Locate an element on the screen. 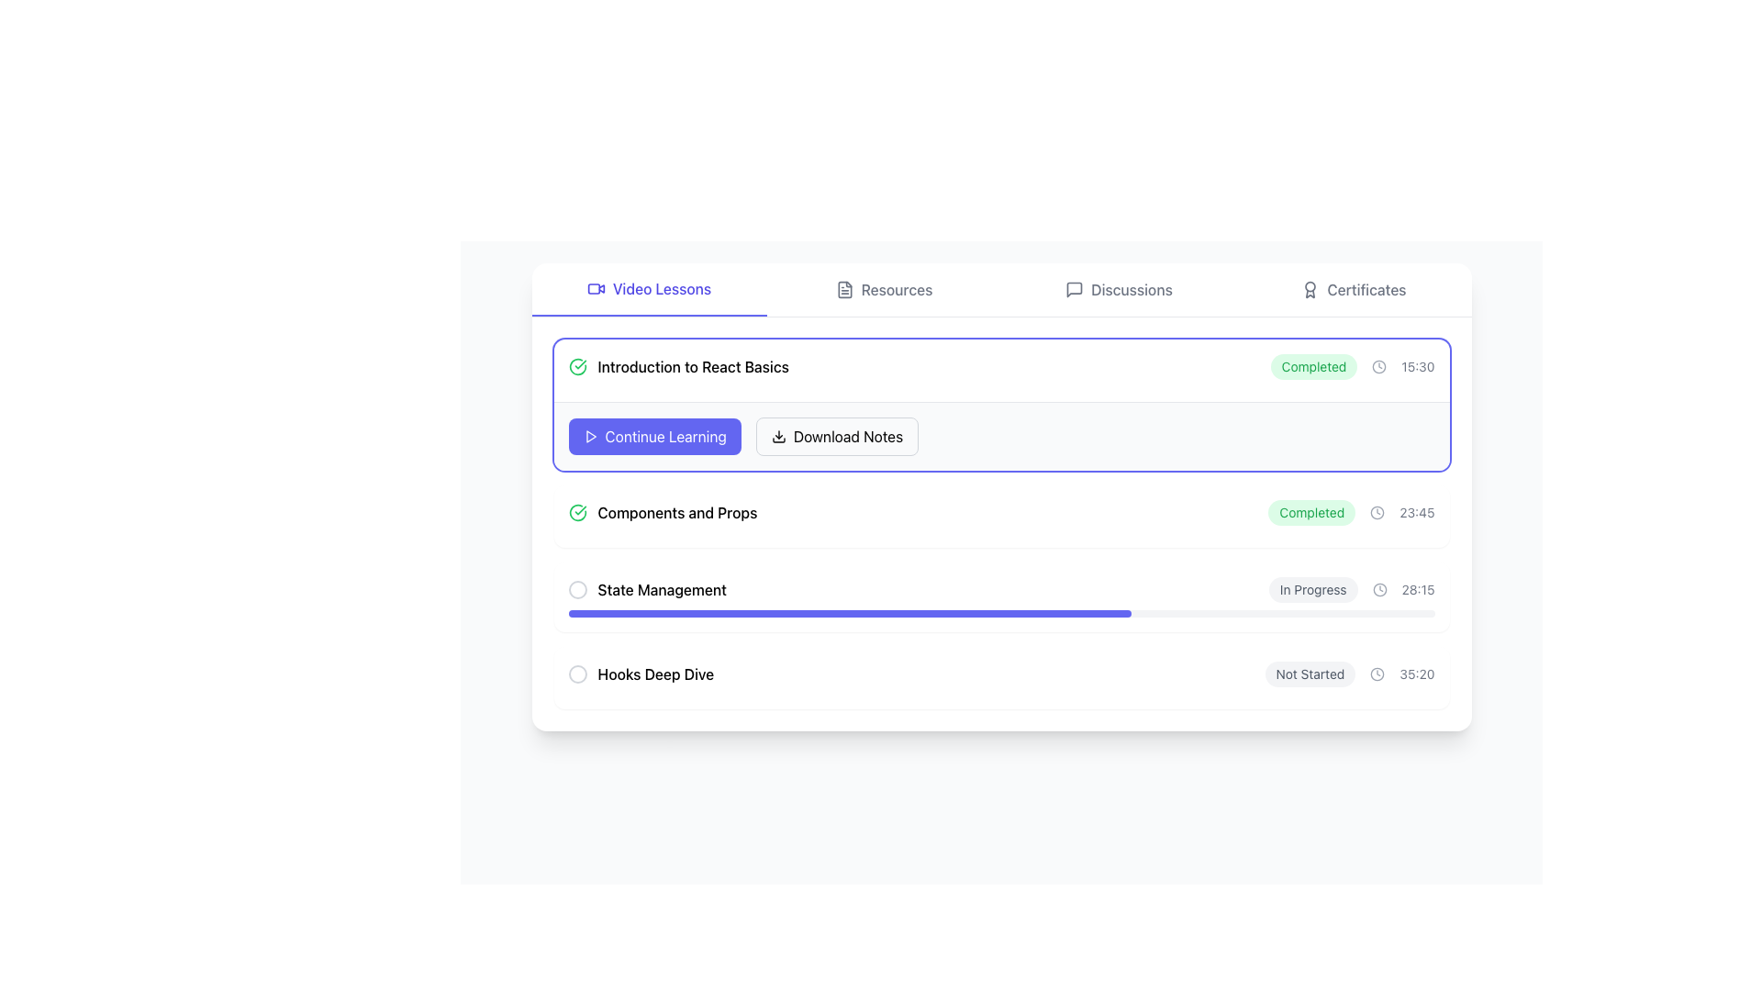 This screenshot has width=1762, height=991. the 'Discussions' button in the navigation bar to change its text color and background is located at coordinates (1118, 289).